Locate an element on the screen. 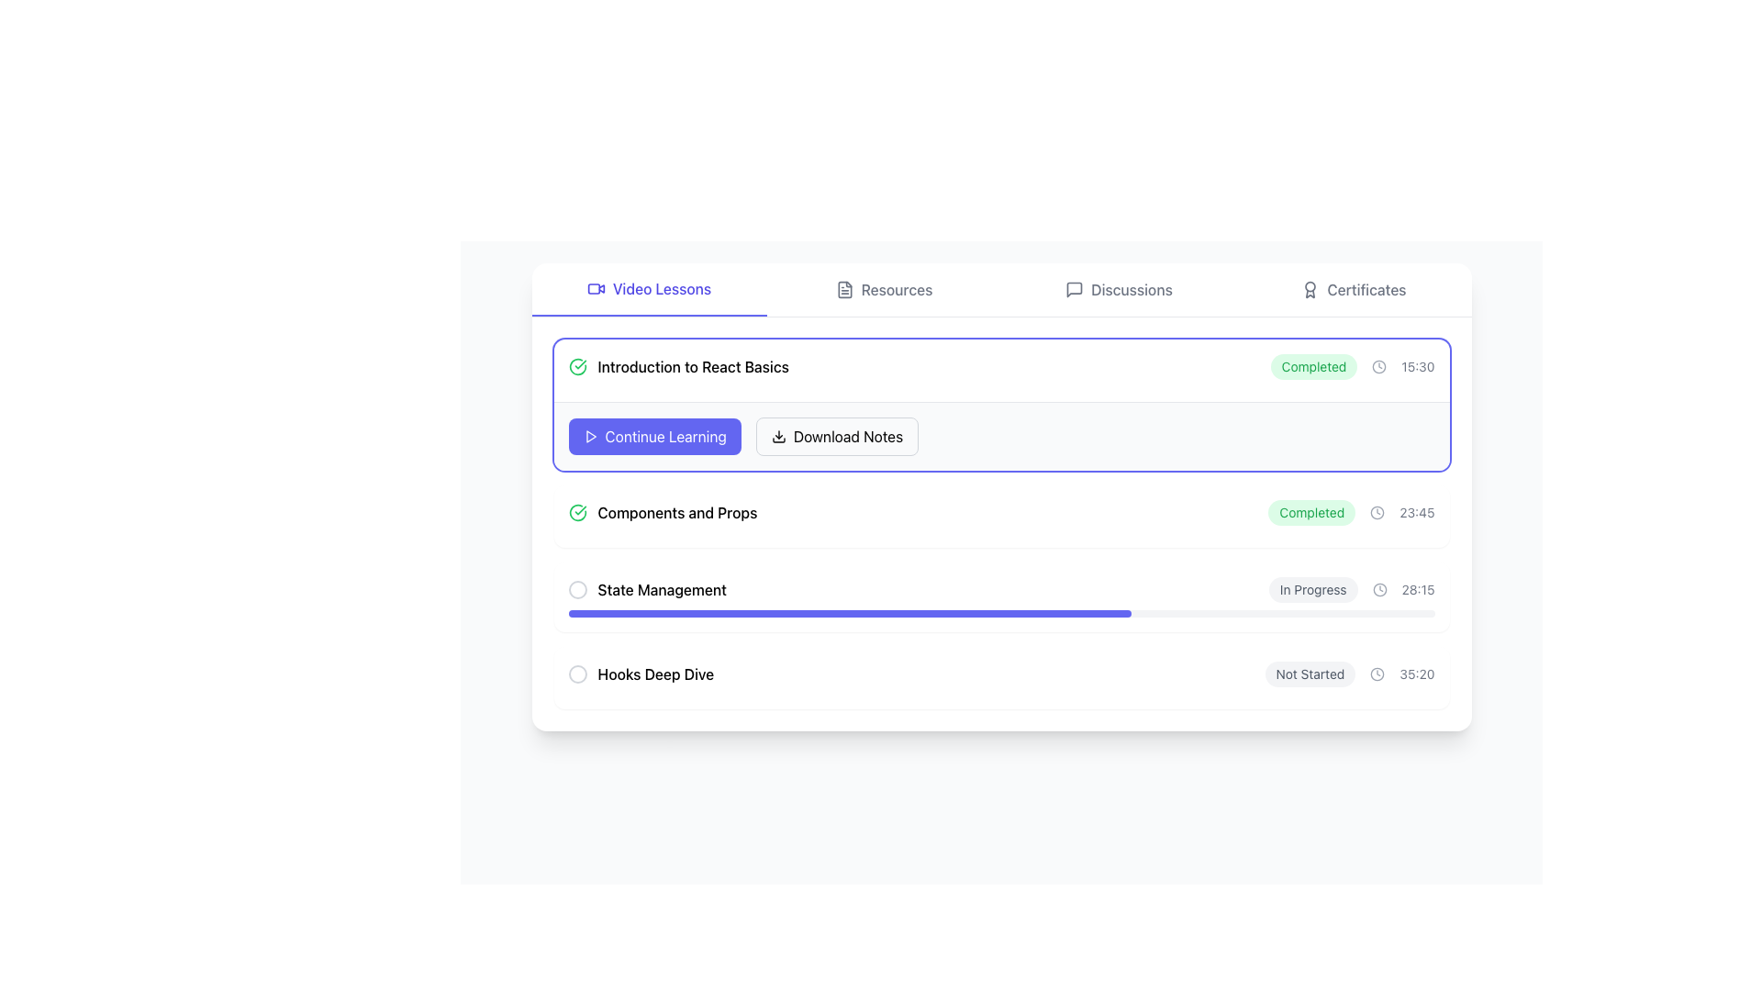 This screenshot has width=1762, height=991. the 'Discussions' button in the navigation bar to change its text color and background is located at coordinates (1118, 289).